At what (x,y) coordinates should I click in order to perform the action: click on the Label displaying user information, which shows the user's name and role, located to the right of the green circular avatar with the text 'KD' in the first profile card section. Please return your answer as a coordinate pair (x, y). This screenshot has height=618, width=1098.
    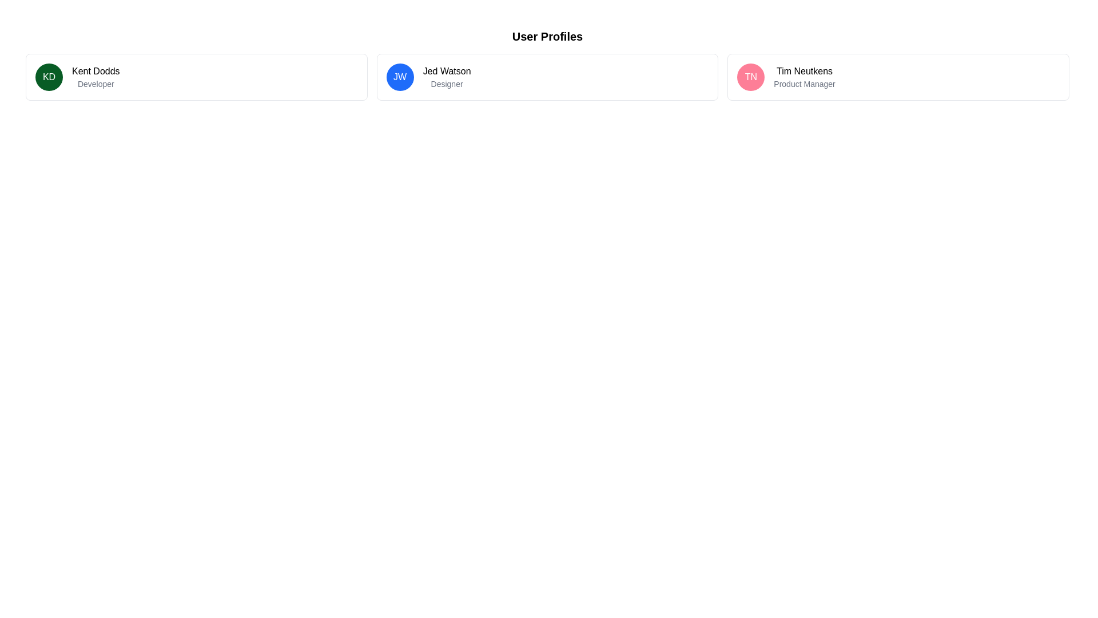
    Looking at the image, I should click on (96, 77).